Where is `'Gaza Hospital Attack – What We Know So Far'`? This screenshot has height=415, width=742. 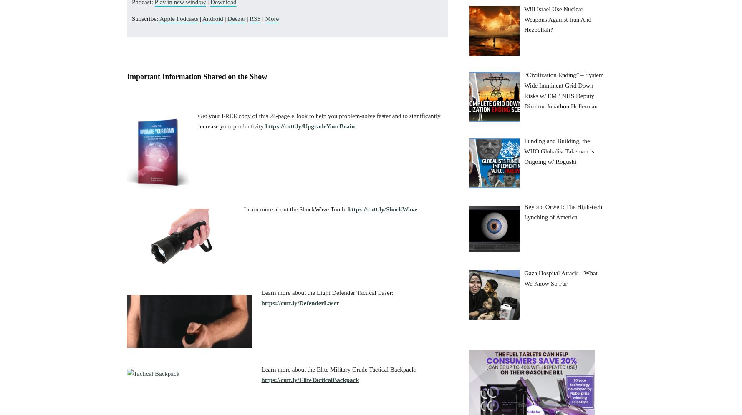 'Gaza Hospital Attack – What We Know So Far' is located at coordinates (523, 277).